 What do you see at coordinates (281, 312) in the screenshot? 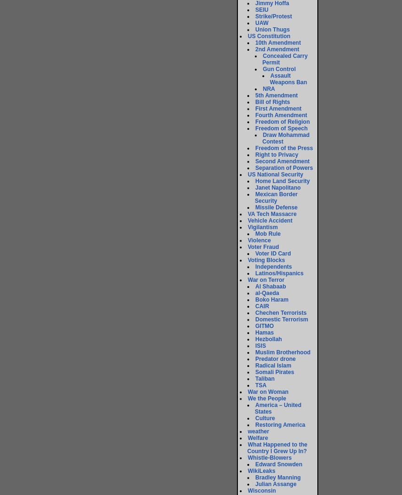
I see `'Chechen Terrorists'` at bounding box center [281, 312].